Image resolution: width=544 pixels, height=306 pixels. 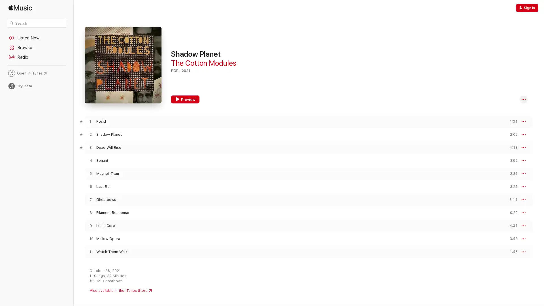 I want to click on Apple Music, so click(x=36, y=8).